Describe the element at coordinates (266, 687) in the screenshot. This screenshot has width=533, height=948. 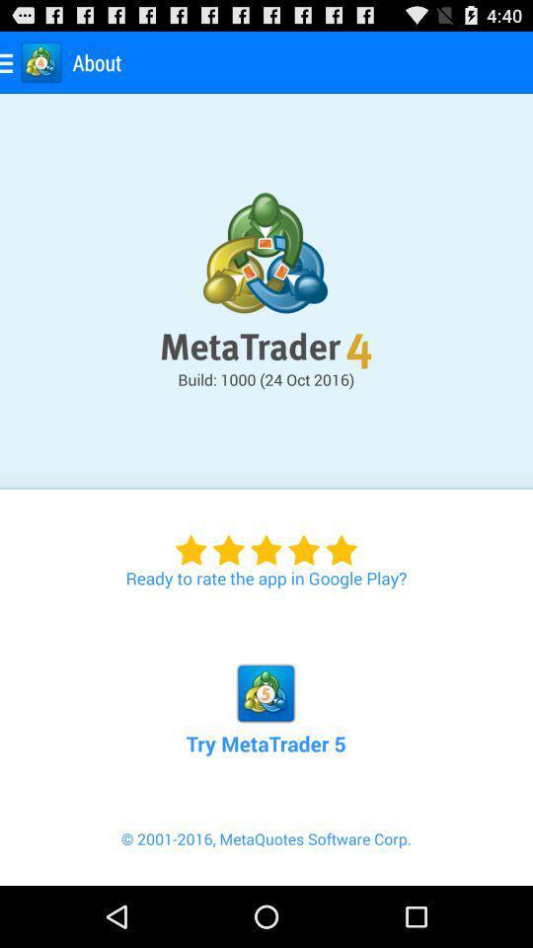
I see `the icon above the 2001 2016 metaquotes icon` at that location.